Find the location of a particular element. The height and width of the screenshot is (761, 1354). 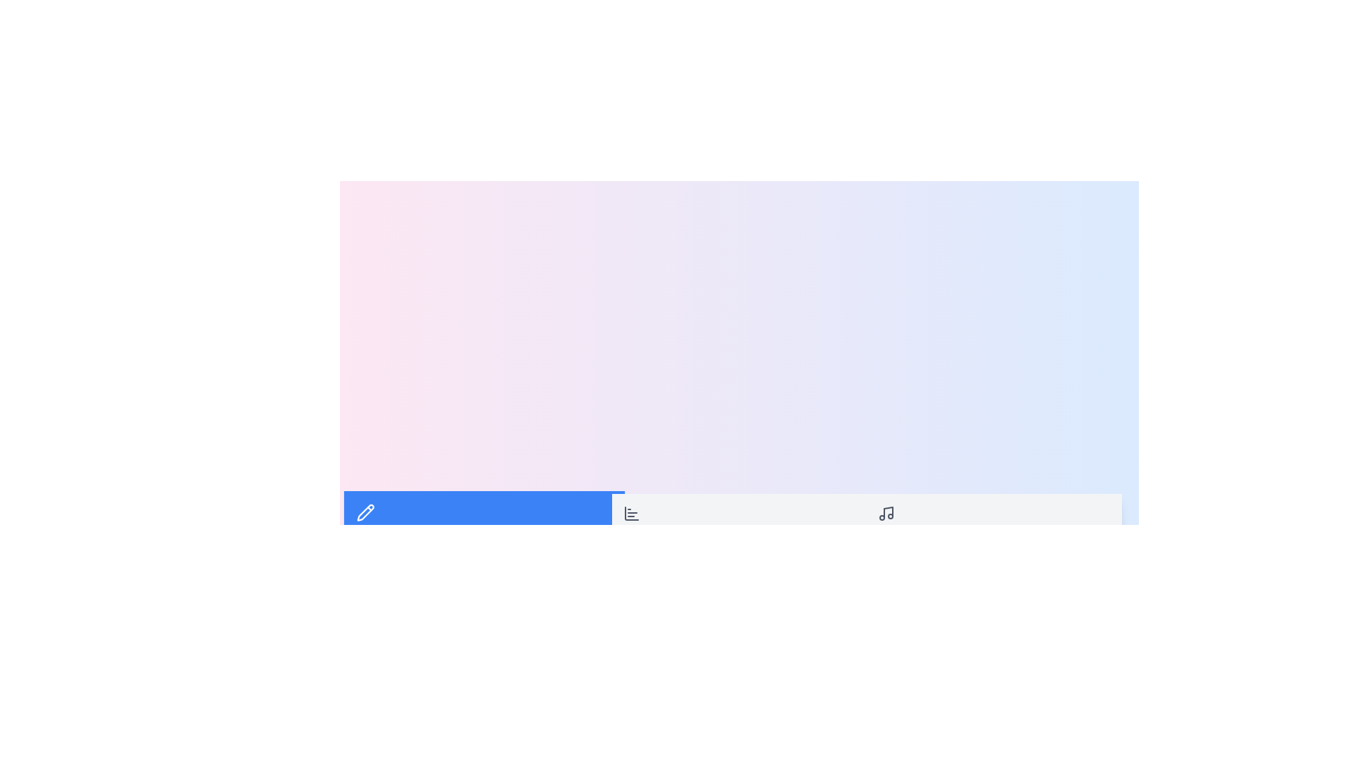

the tab labeled Creative to observe its visual effect is located at coordinates (484, 521).